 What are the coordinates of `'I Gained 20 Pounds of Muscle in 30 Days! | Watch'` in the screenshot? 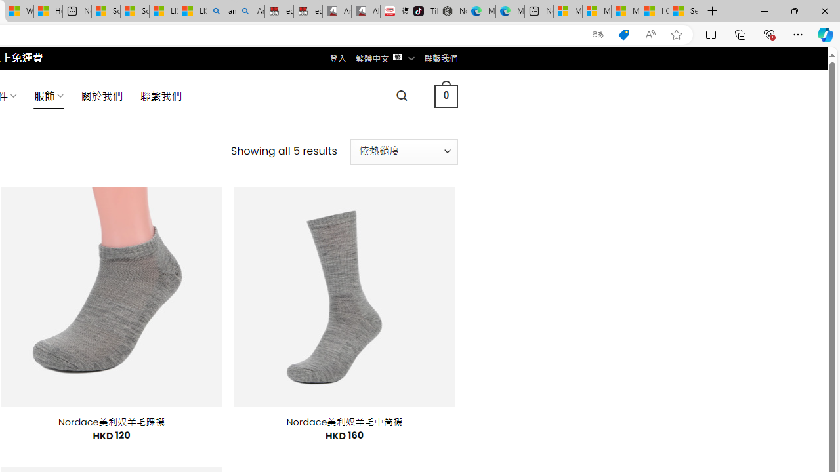 It's located at (654, 11).